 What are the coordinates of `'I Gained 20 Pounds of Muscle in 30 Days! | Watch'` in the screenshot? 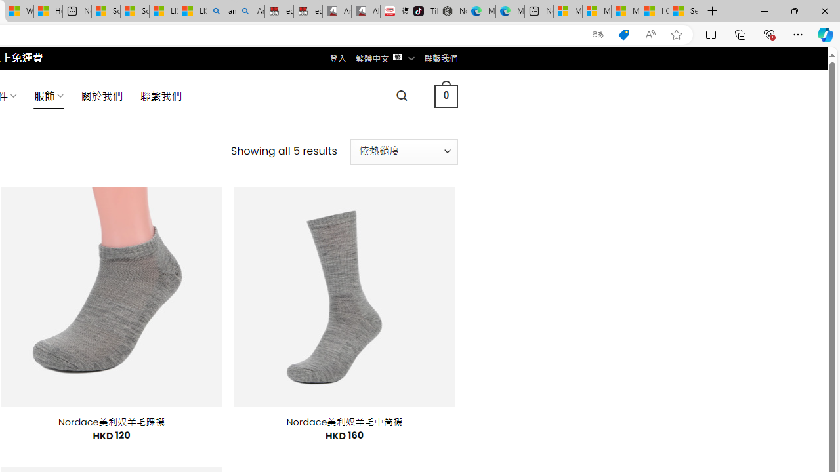 It's located at (654, 11).